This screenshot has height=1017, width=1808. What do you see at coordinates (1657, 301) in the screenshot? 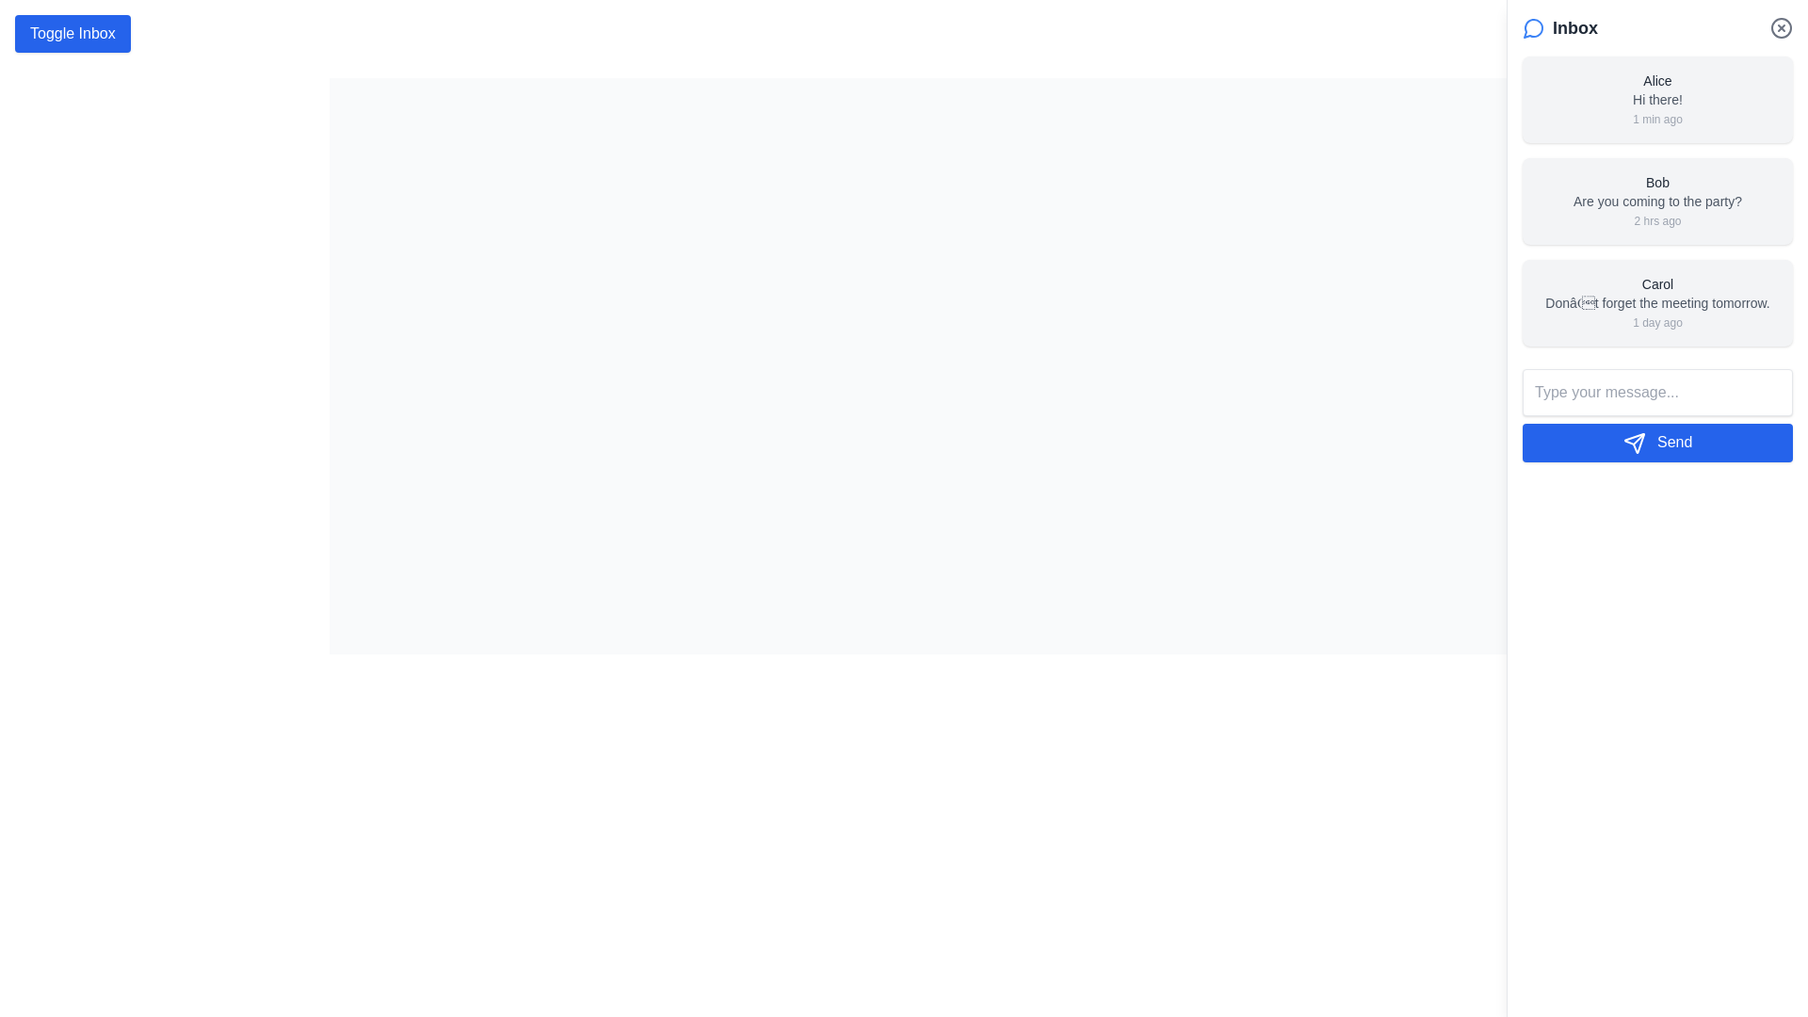
I see `the third chat message entry in the chat area` at bounding box center [1657, 301].